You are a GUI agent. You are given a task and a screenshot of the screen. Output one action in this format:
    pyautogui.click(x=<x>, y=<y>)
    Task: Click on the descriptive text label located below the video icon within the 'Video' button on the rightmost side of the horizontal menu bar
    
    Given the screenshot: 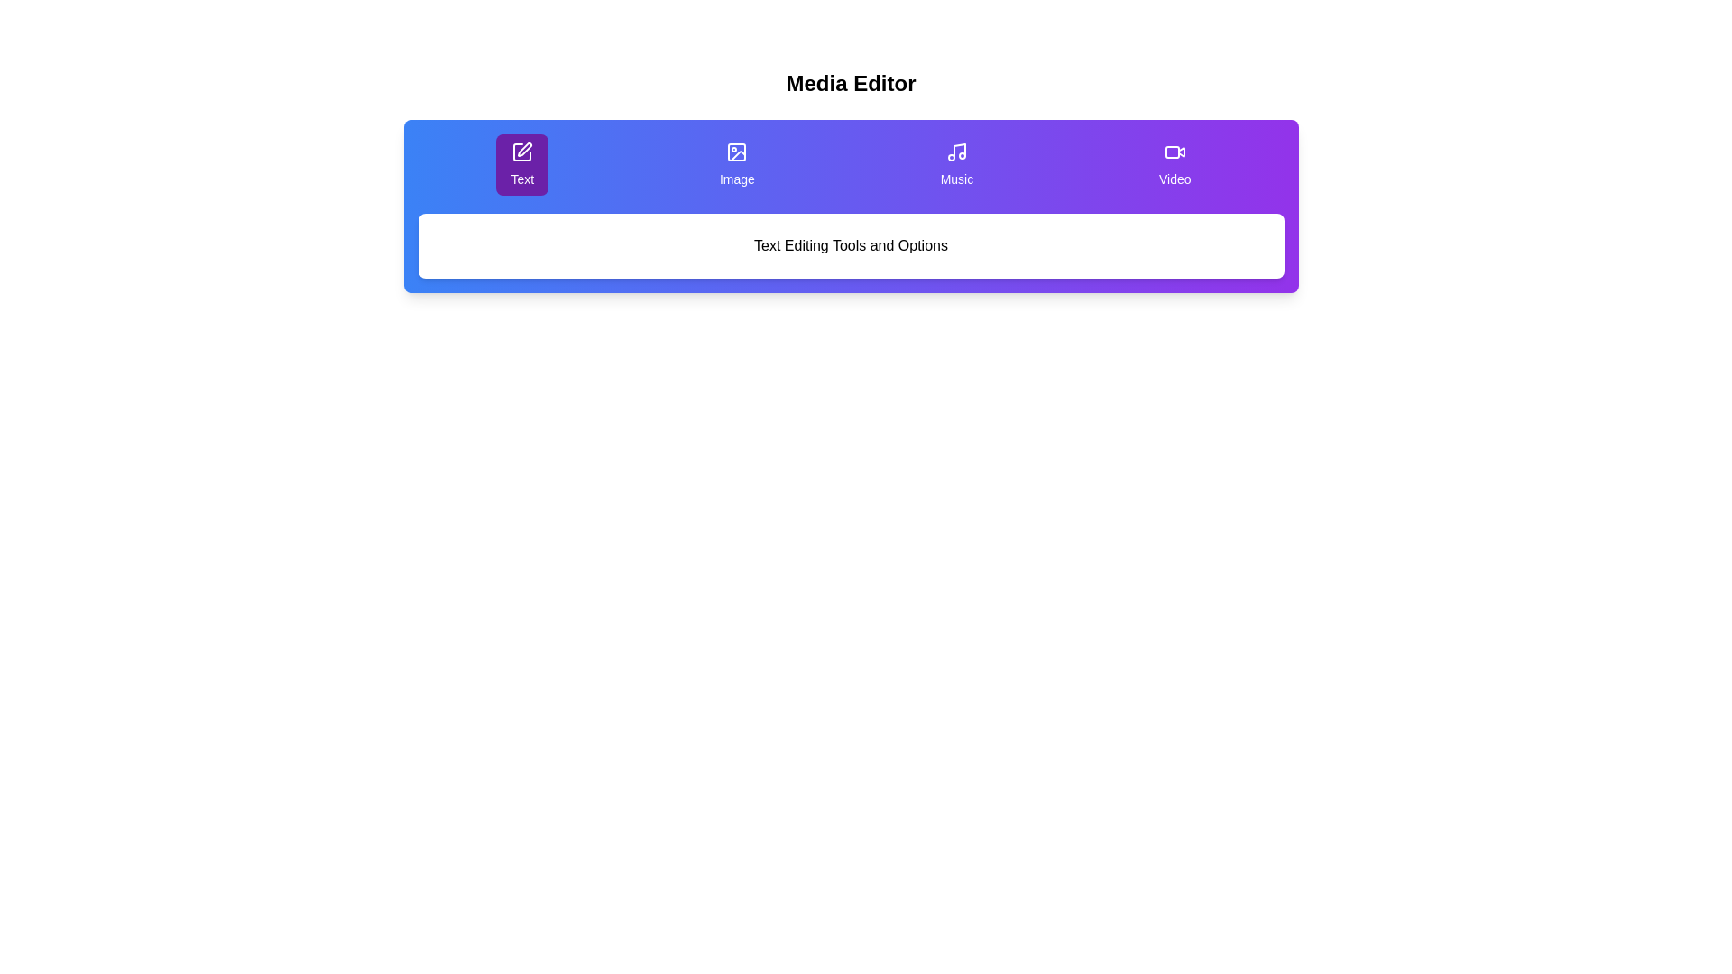 What is the action you would take?
    pyautogui.click(x=1175, y=179)
    